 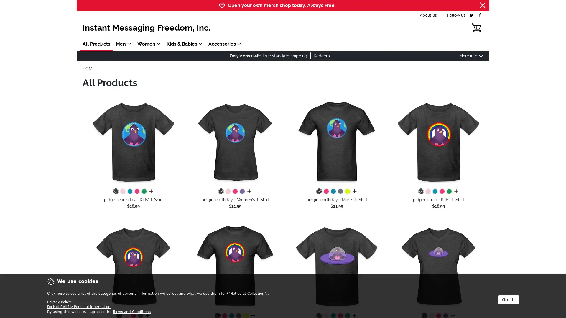 What do you see at coordinates (144, 192) in the screenshot?
I see `kelly green` at bounding box center [144, 192].